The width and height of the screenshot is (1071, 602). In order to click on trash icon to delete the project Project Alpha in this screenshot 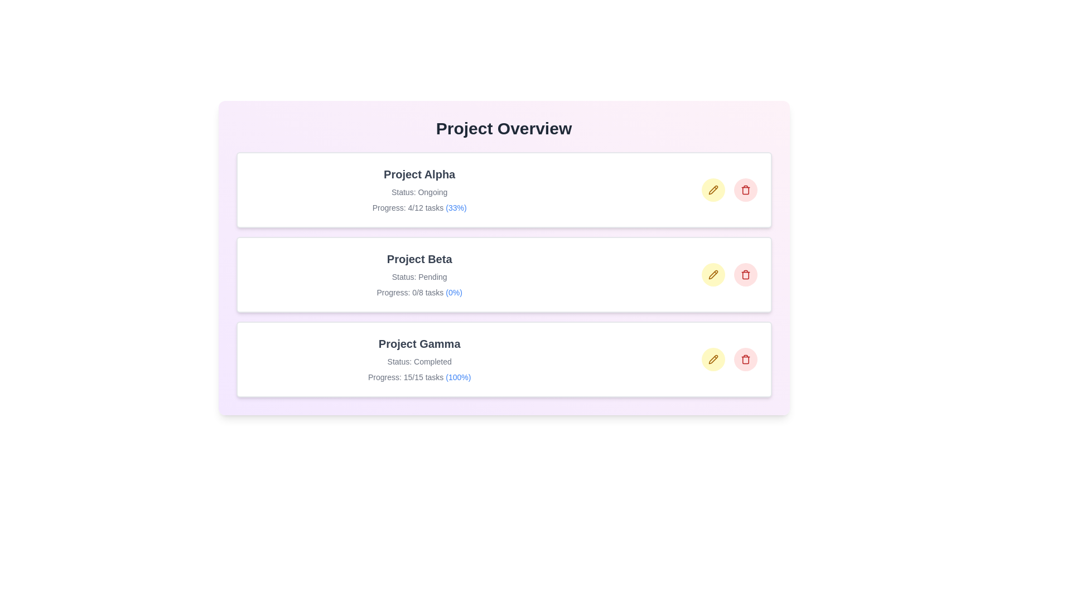, I will do `click(745, 189)`.